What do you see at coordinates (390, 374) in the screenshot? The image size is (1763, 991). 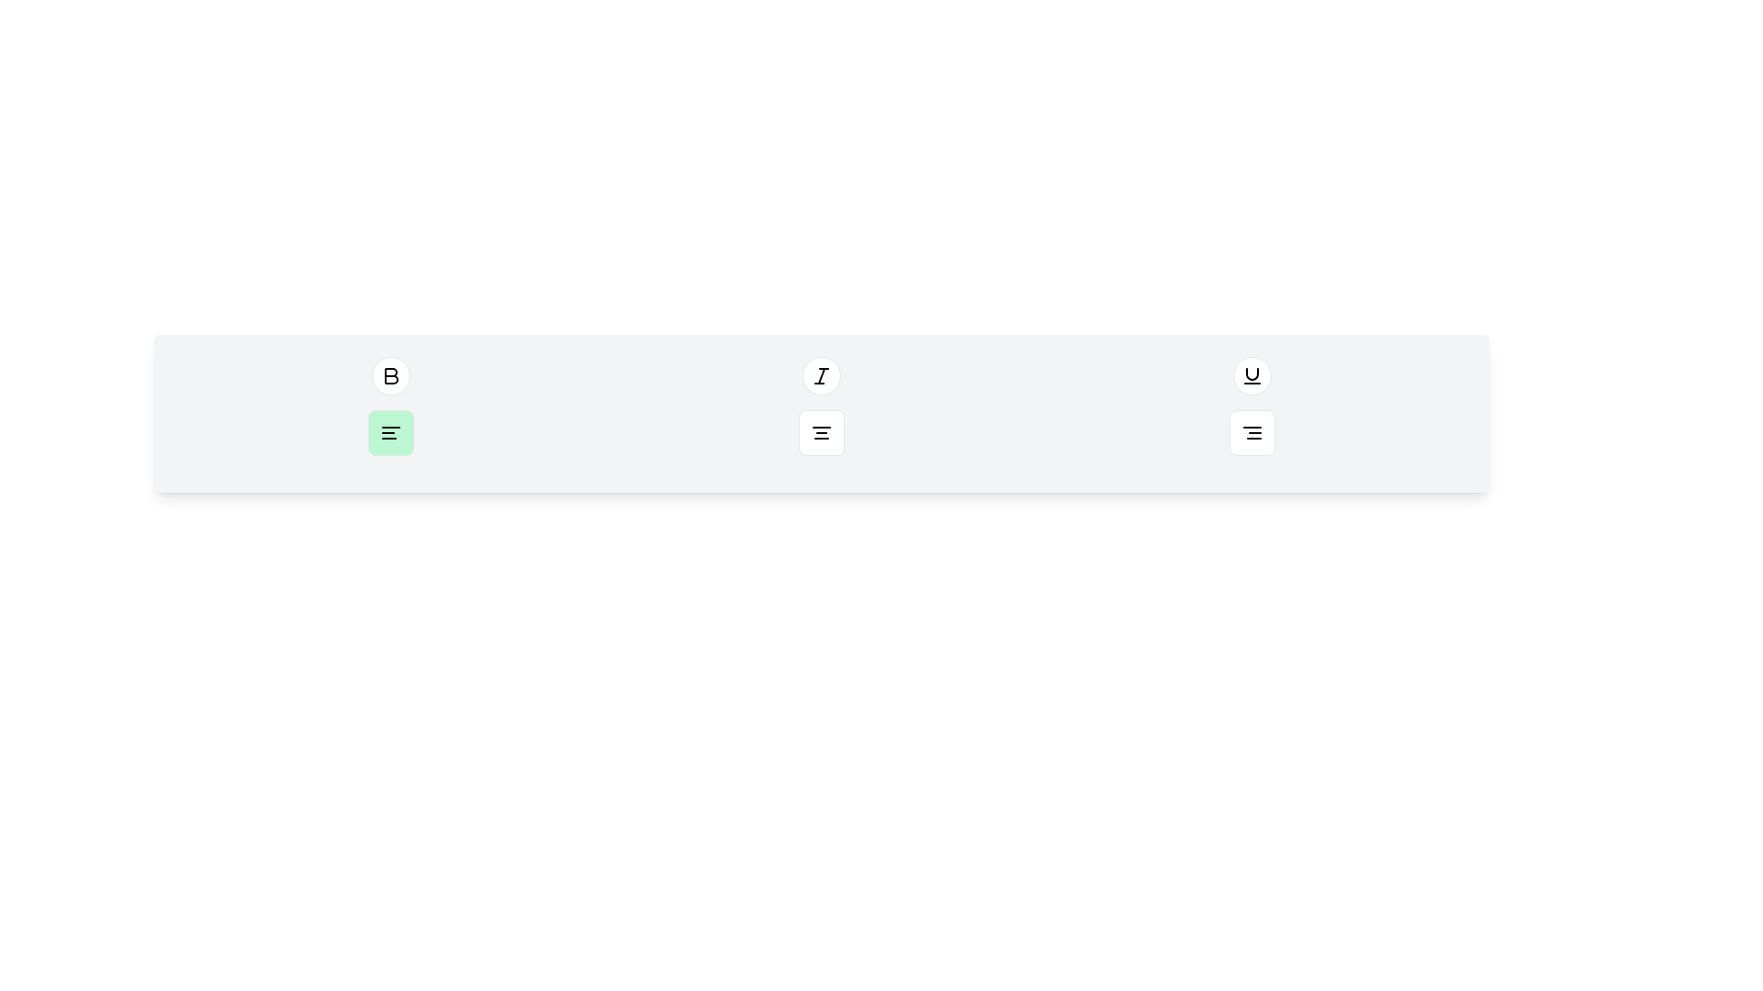 I see `the bold text formatting icon located in the horizontal toolbar interface above the second button, to select it for applying bold styling` at bounding box center [390, 374].